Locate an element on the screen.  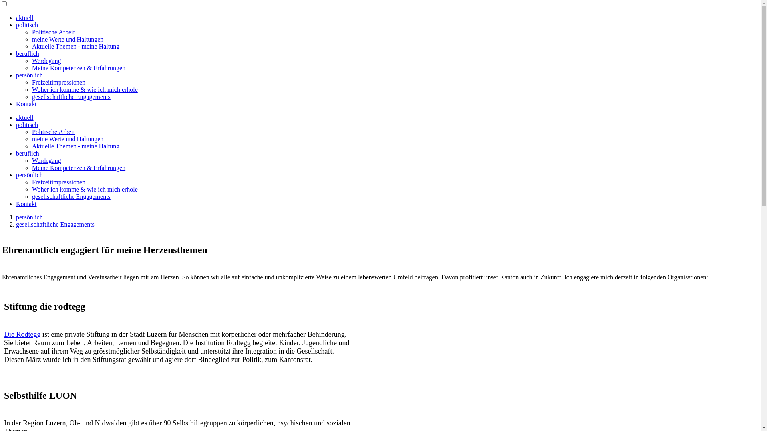
'gesellschaftliche Engagements' is located at coordinates (55, 224).